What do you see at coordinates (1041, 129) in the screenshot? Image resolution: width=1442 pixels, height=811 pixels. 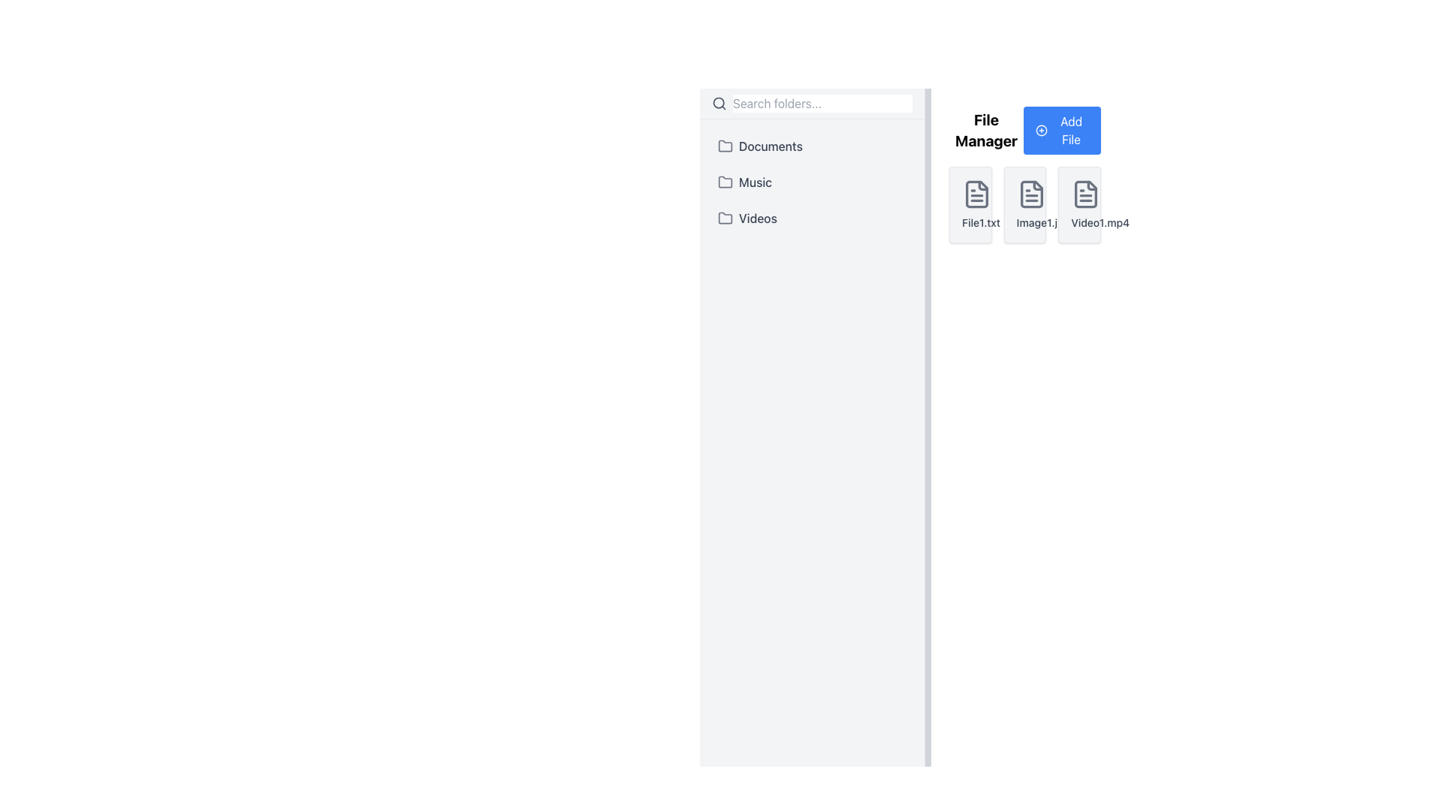 I see `the circular SVG icon representing the action to create or add new items, located within the 'Add File' button at the top-right side of the interface` at bounding box center [1041, 129].